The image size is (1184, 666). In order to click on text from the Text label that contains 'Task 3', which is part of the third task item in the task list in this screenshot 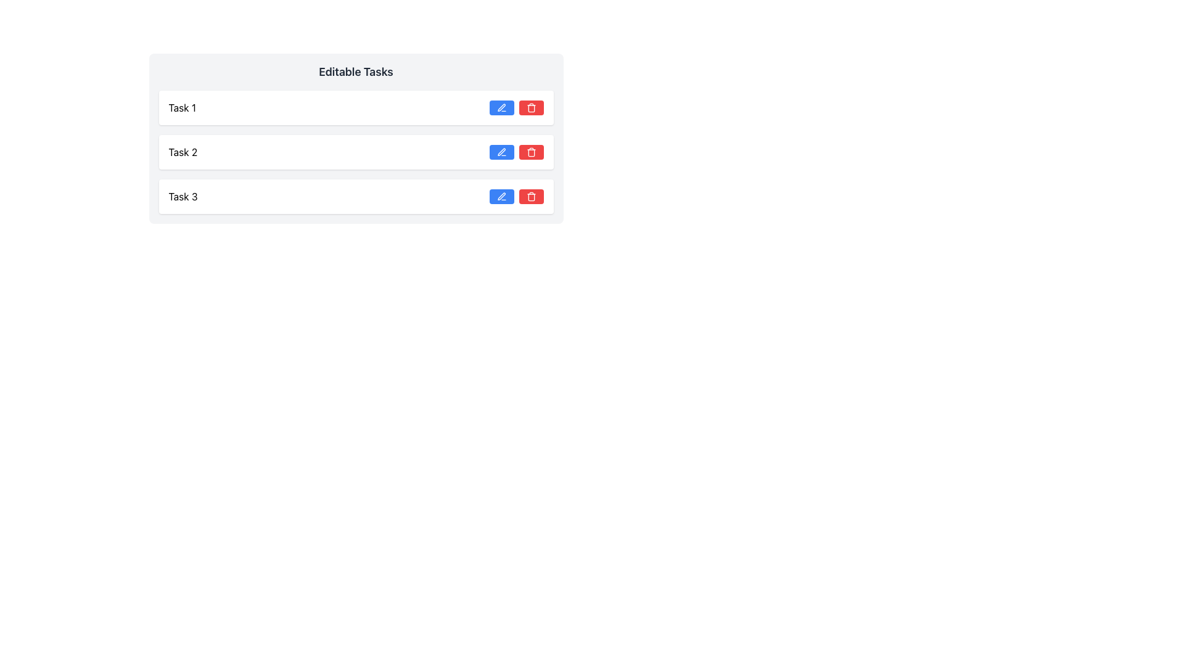, I will do `click(183, 196)`.